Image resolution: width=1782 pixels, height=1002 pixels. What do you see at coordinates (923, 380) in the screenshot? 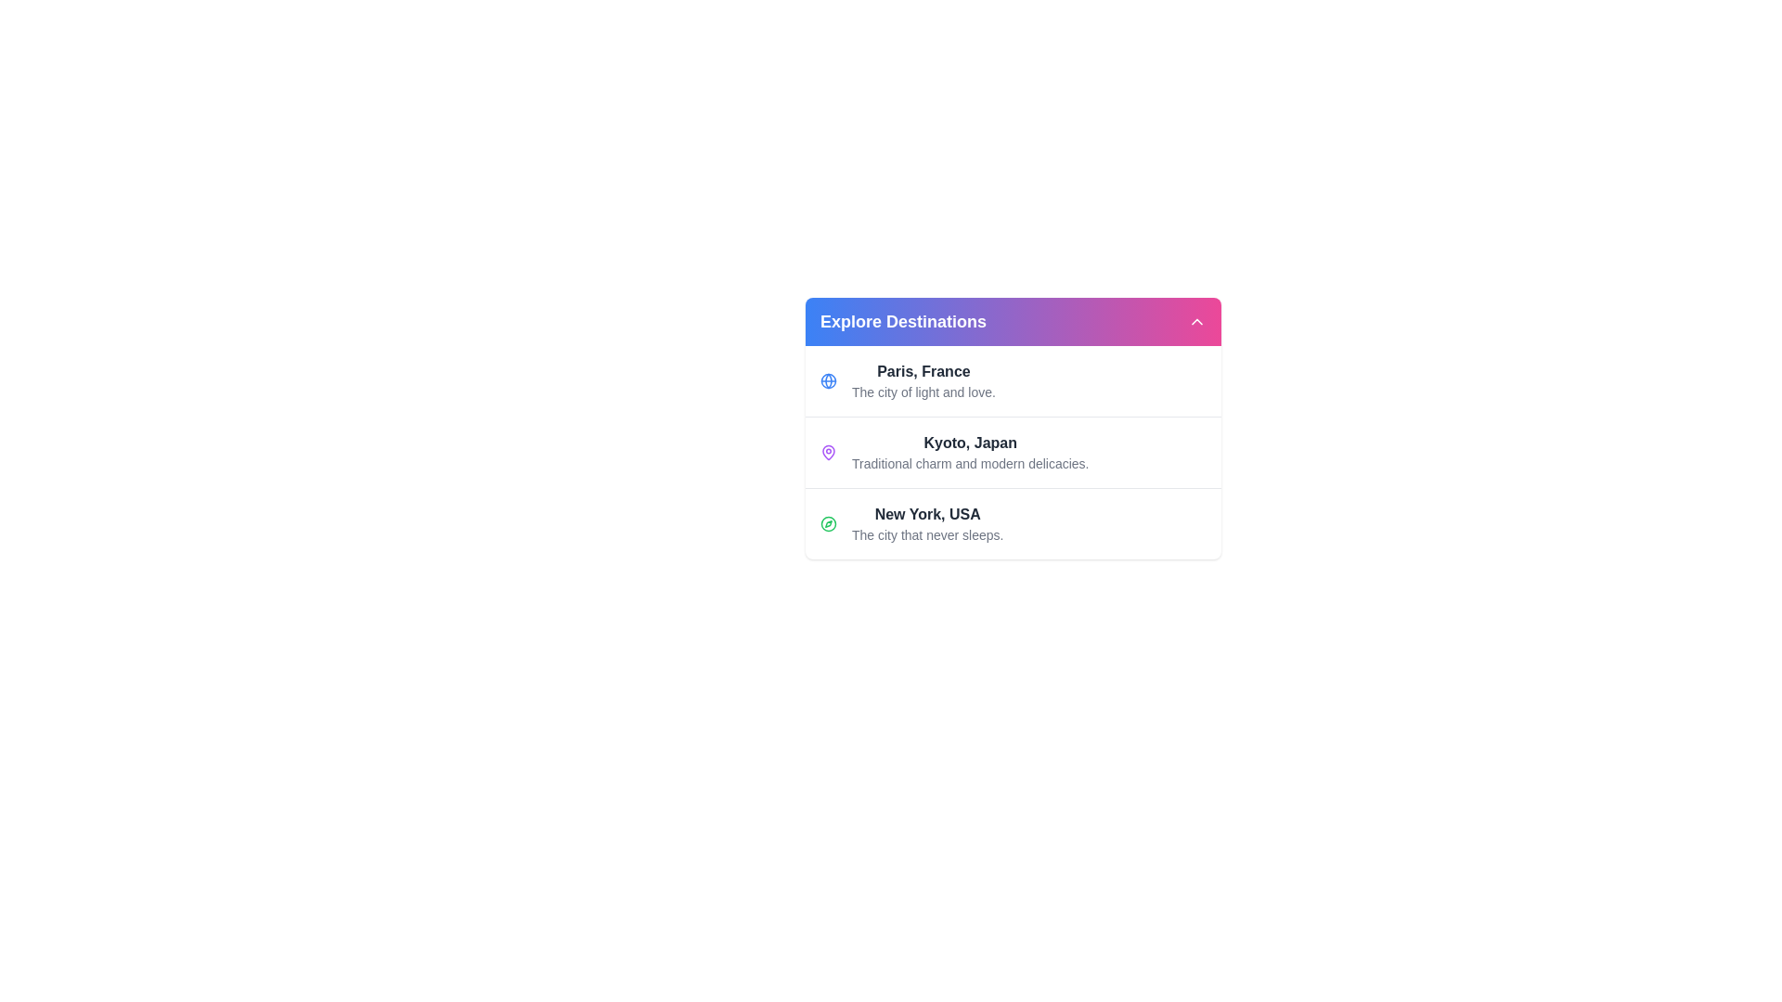
I see `the text block representing 'Paris, France'` at bounding box center [923, 380].